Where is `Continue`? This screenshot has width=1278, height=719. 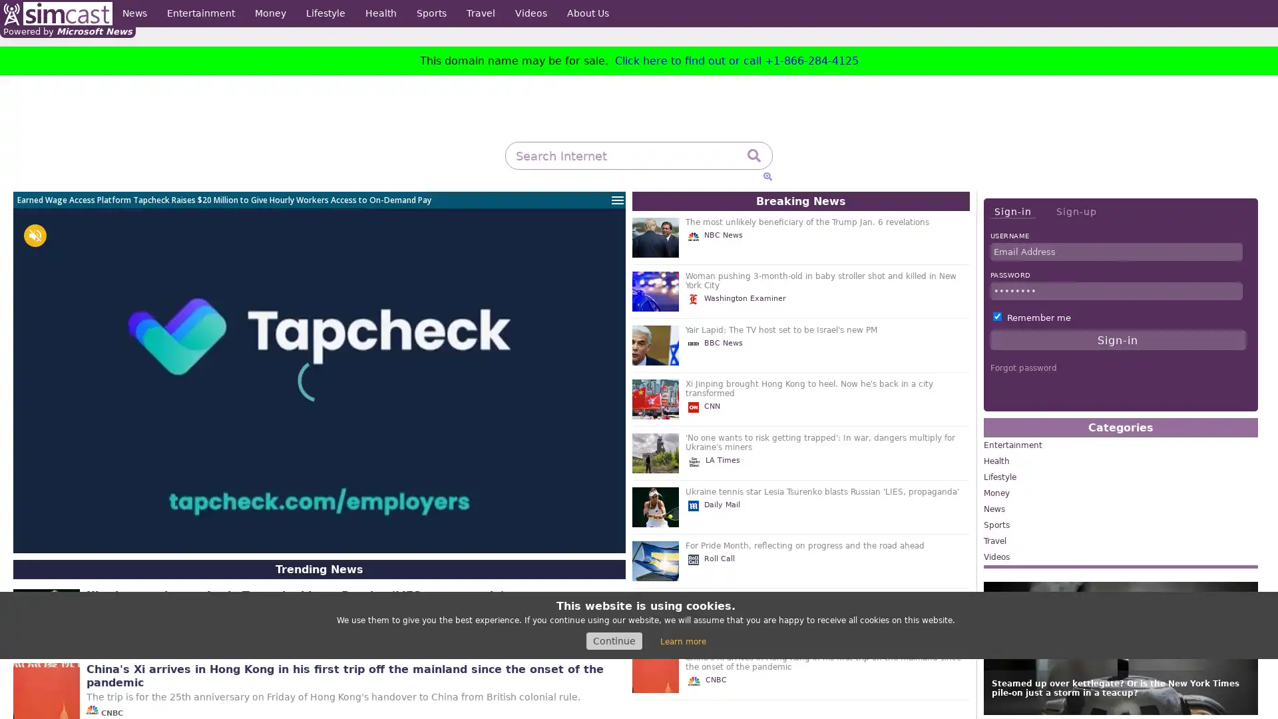 Continue is located at coordinates (613, 640).